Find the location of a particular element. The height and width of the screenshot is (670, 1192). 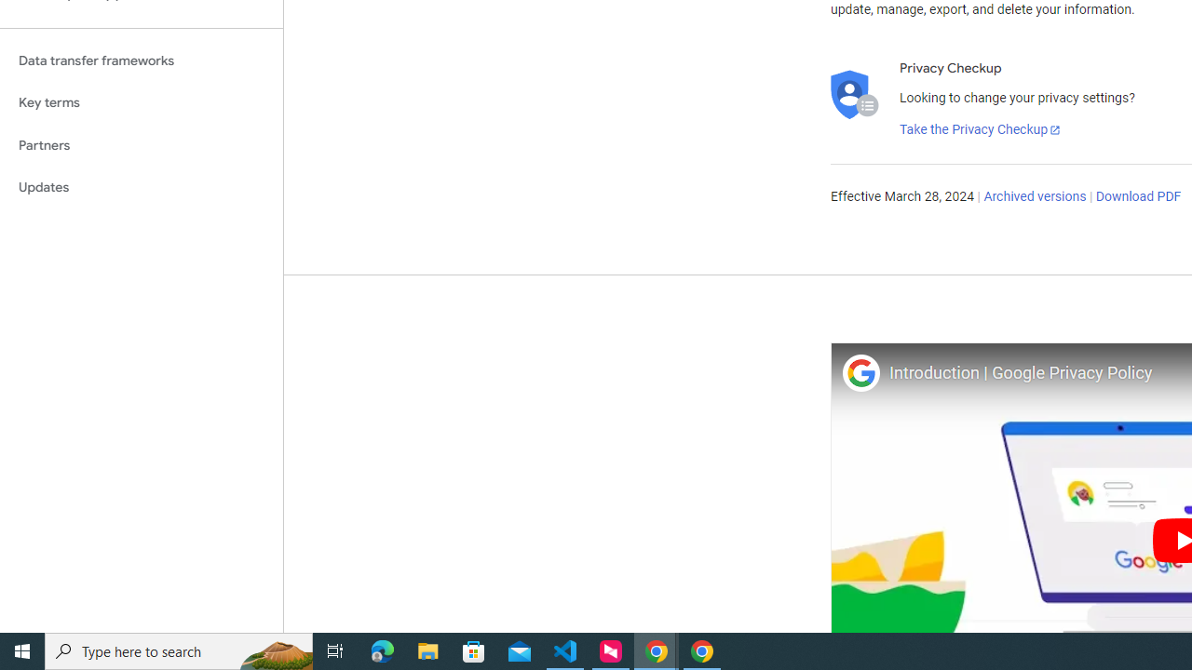

'Archived versions' is located at coordinates (1034, 197).